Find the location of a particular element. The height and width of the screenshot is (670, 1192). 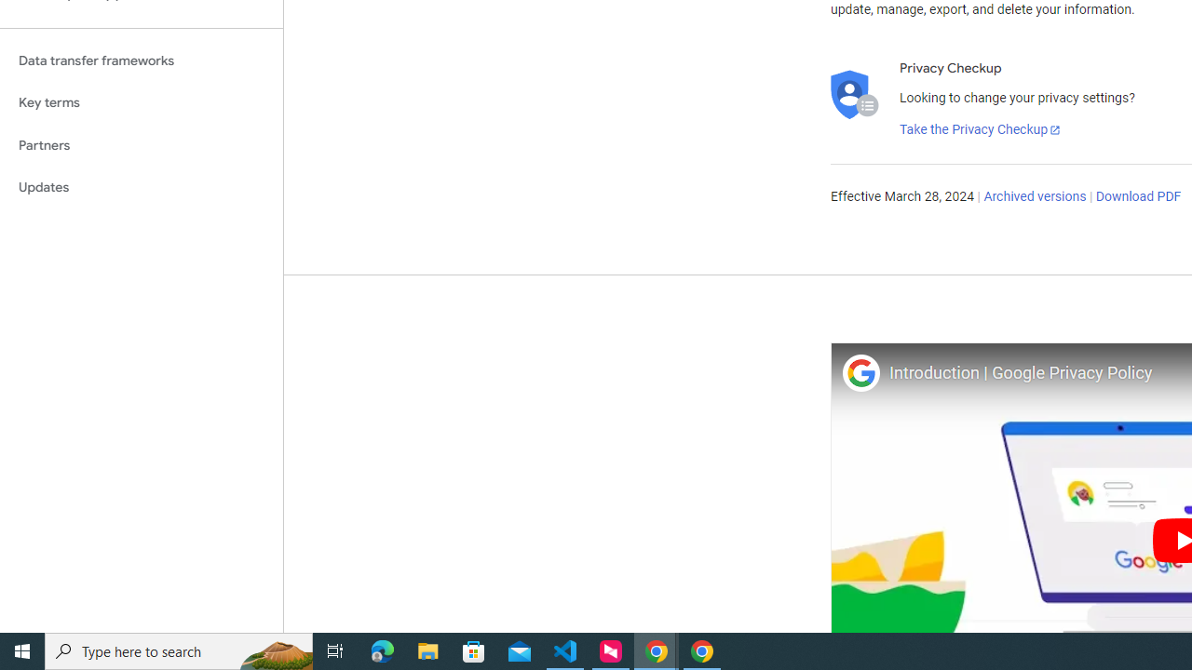

'Archived versions' is located at coordinates (1034, 197).